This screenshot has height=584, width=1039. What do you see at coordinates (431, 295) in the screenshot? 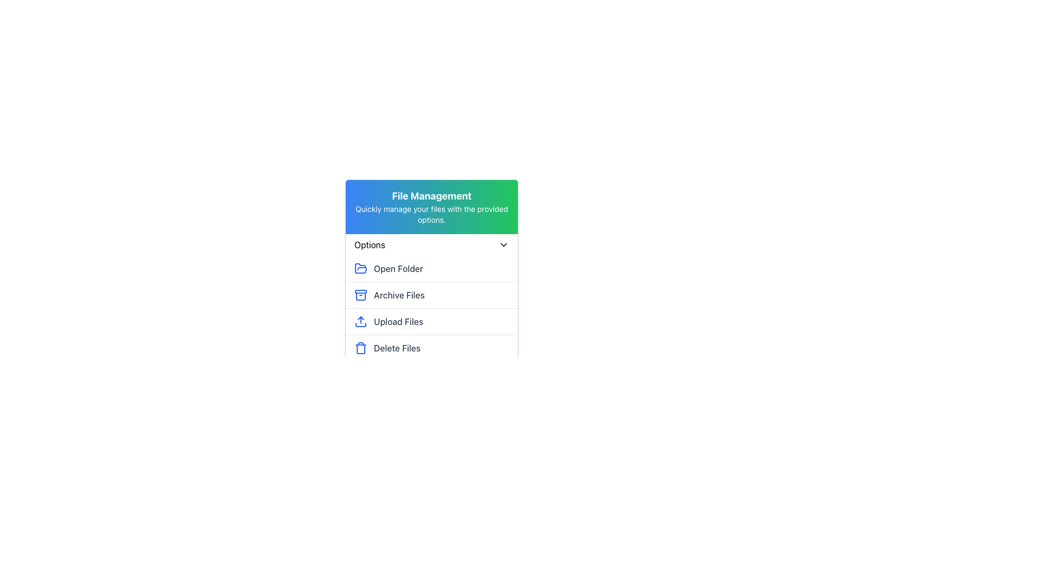
I see `the second clickable list item in the 'Options' menu, which allows the user to archive files` at bounding box center [431, 295].